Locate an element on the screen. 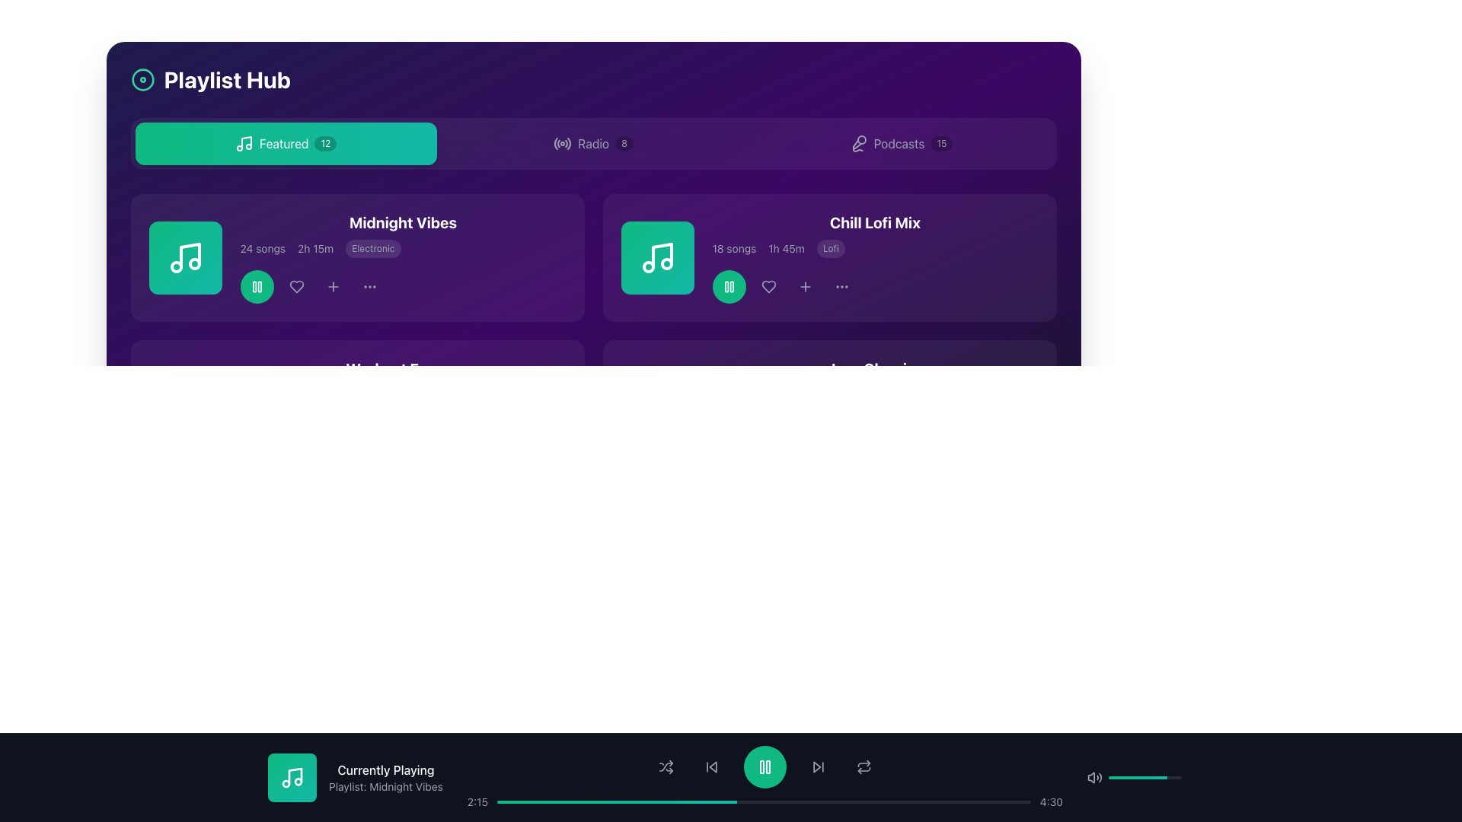 This screenshot has width=1462, height=822. the 'Featured' text label, which is styled in white on a vibrant green background, located near the center of a horizontal group of elements at the top left corner of the interface is located at coordinates (284, 144).